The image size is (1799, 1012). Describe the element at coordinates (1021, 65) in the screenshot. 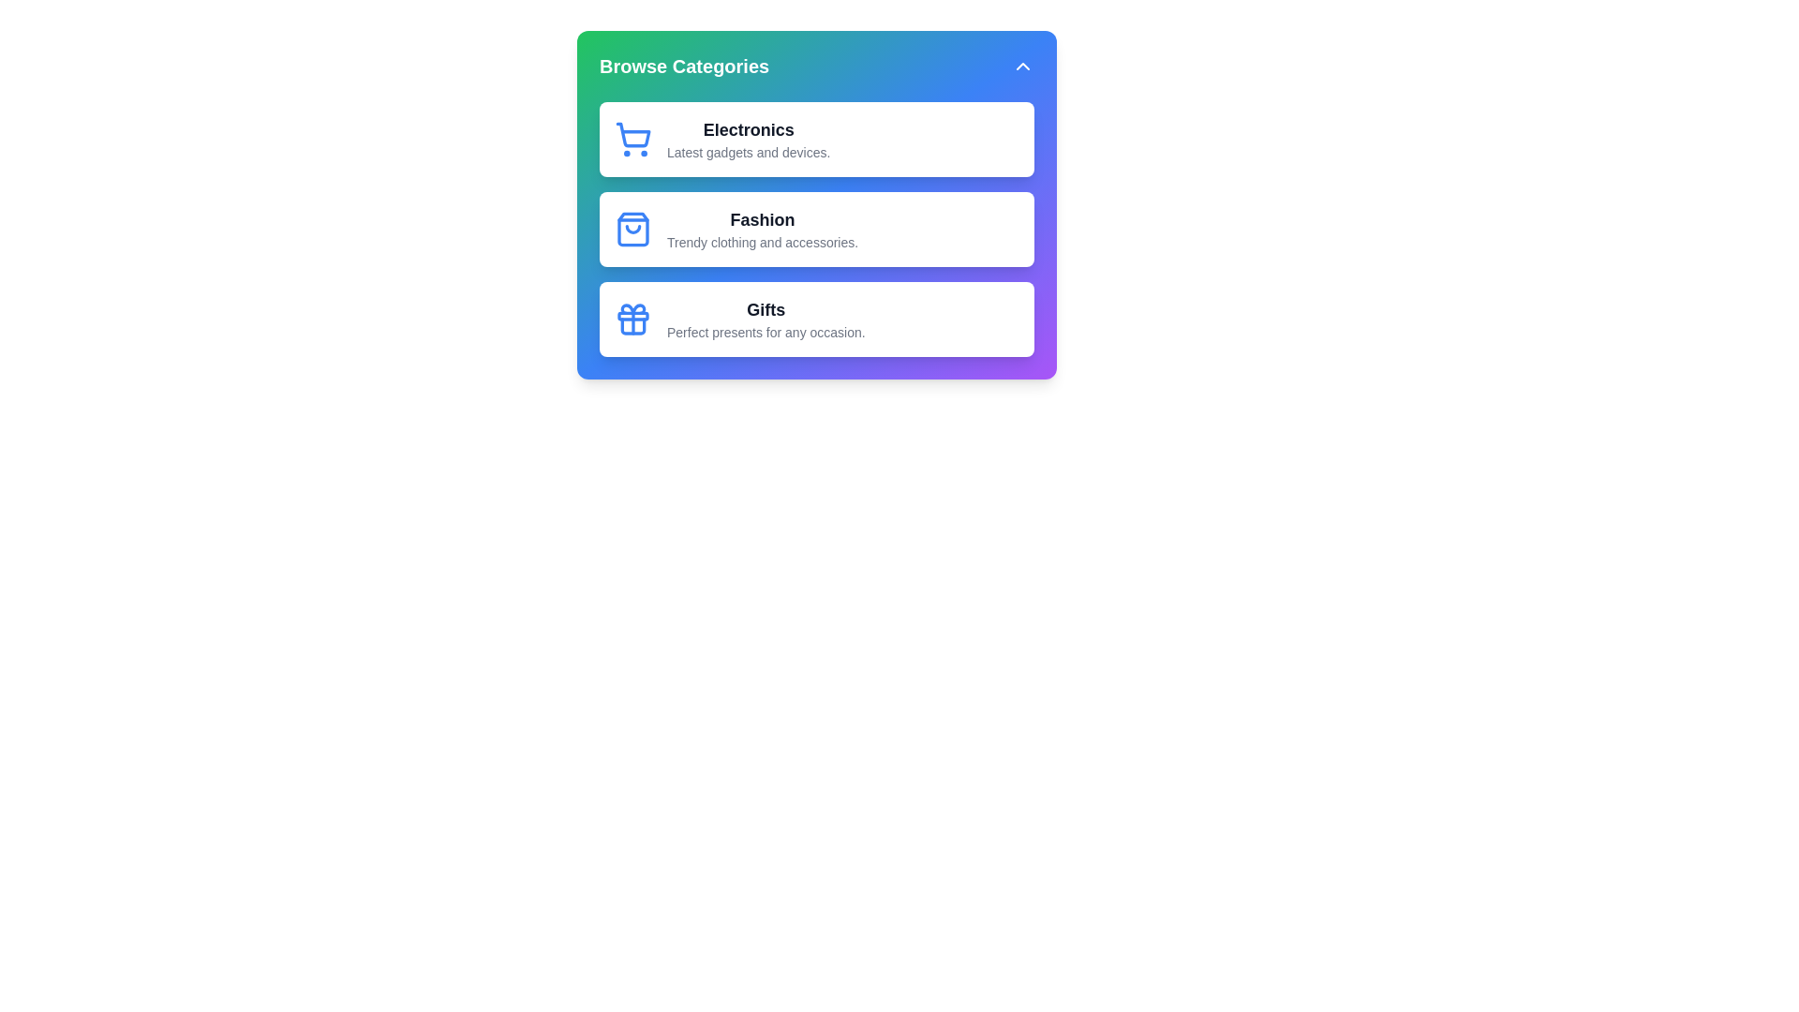

I see `expand/collapse button to toggle the category menu expansion state` at that location.